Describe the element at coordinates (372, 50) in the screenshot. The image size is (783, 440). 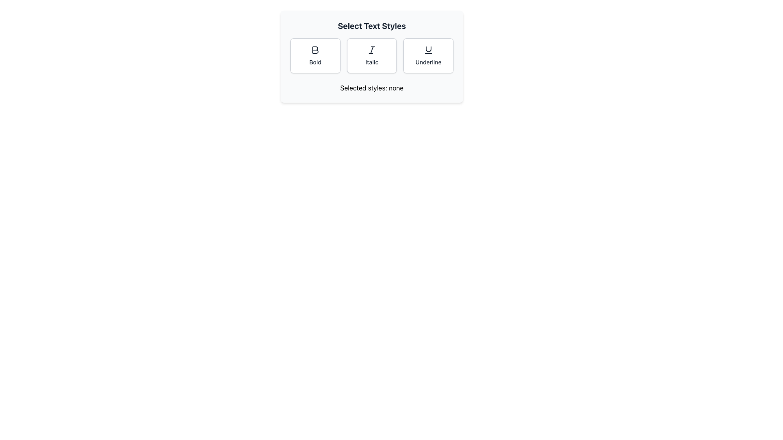
I see `the Italic text styling icon located centrally above the label 'Italic'` at that location.